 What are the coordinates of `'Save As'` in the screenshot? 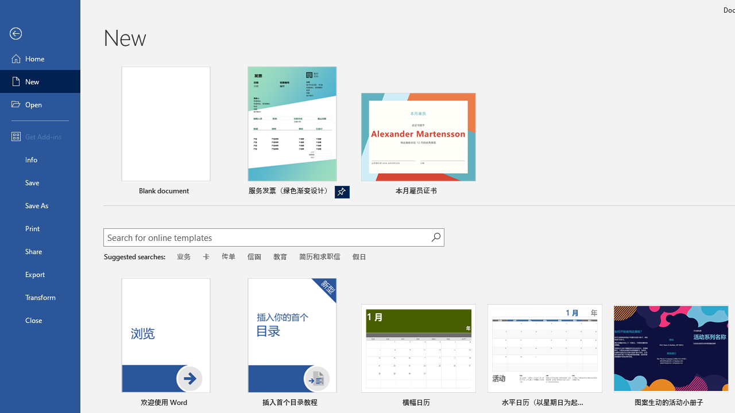 It's located at (40, 204).